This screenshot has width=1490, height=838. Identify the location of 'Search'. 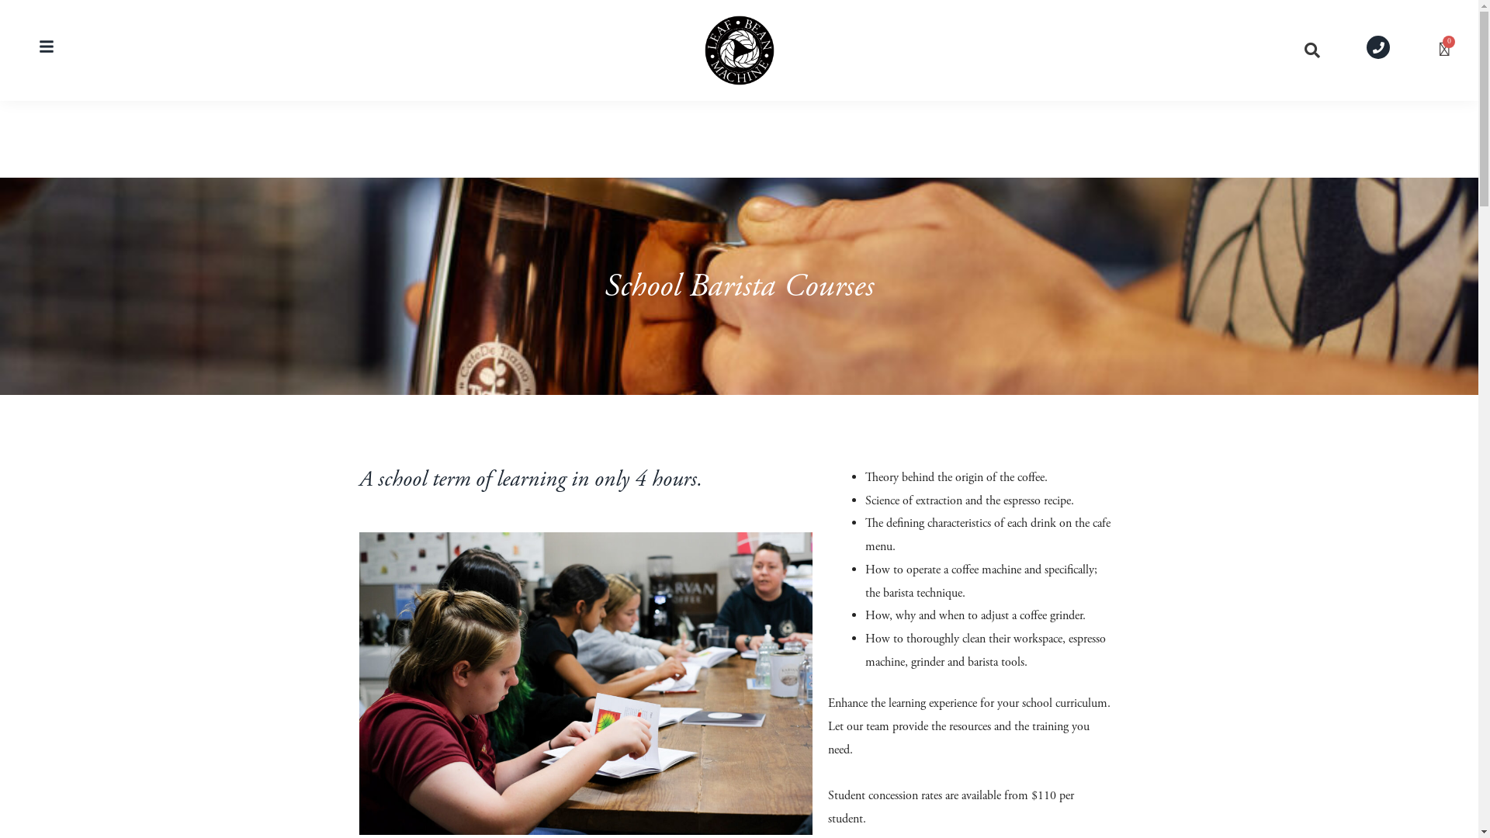
(1307, 50).